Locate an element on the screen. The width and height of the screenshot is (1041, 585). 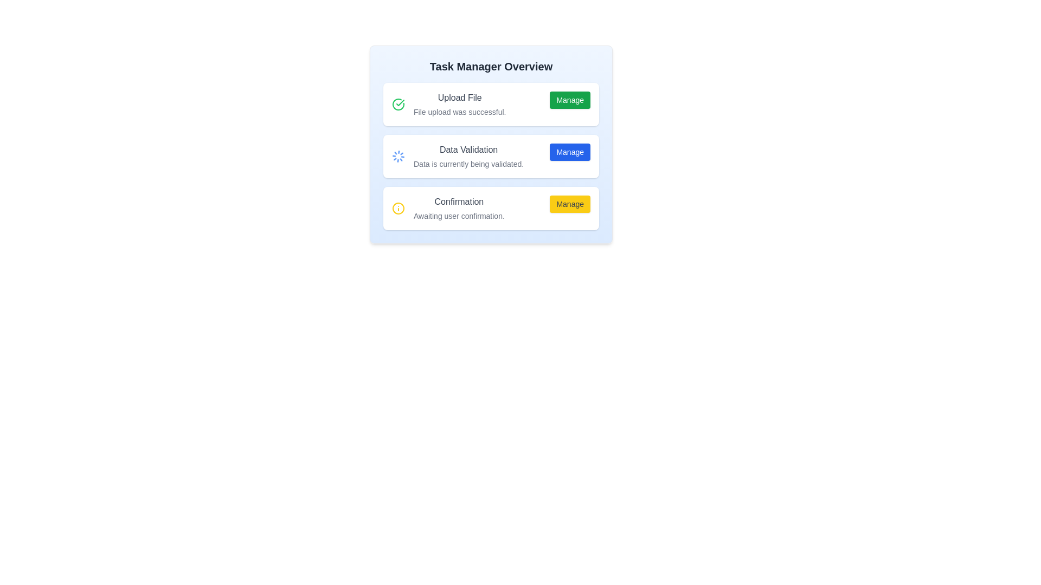
the Informational Text Block indicating that a confirmation is awaited for a task or process, which is located in the third row of the 'Task Manager Overview' section, above the yellow 'Manage' button is located at coordinates (448, 209).